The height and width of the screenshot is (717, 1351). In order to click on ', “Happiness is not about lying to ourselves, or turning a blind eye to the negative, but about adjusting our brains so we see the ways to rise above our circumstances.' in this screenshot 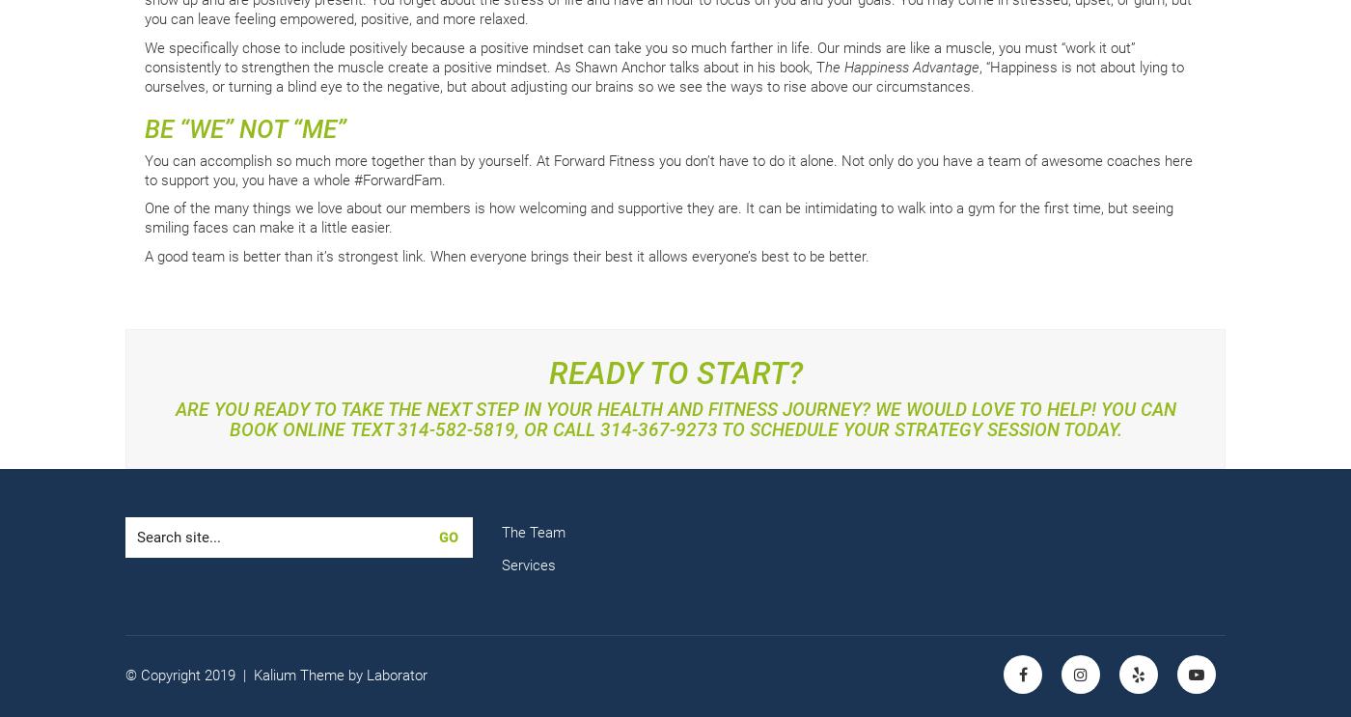, I will do `click(664, 75)`.